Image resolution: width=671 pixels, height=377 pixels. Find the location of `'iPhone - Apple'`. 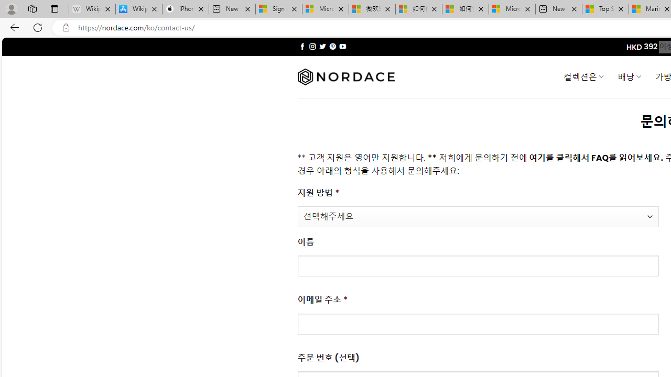

'iPhone - Apple' is located at coordinates (185, 9).